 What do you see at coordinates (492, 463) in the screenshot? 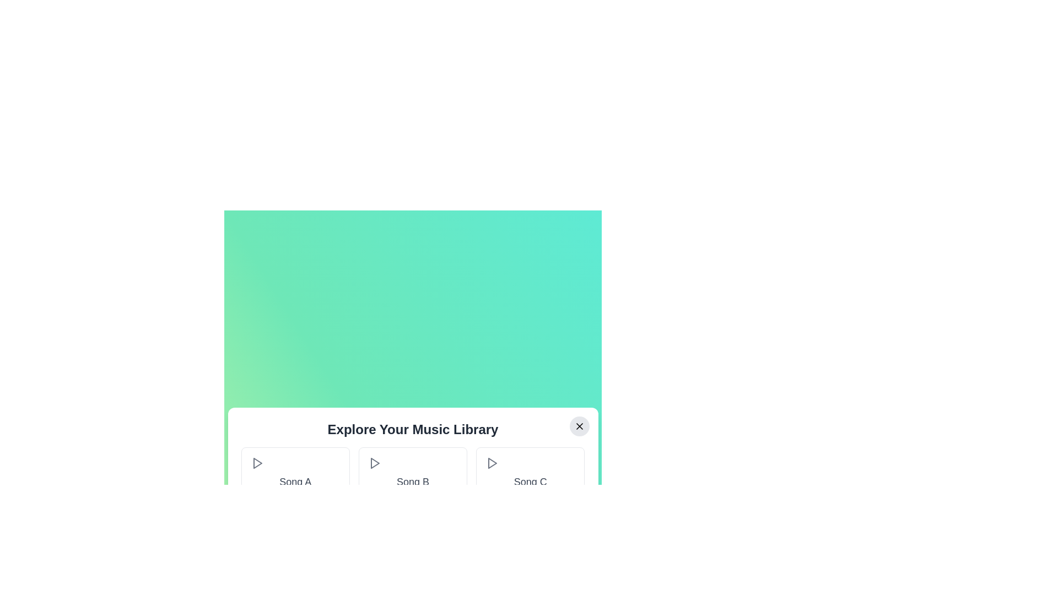
I see `play button next to the song Song C to play it` at bounding box center [492, 463].